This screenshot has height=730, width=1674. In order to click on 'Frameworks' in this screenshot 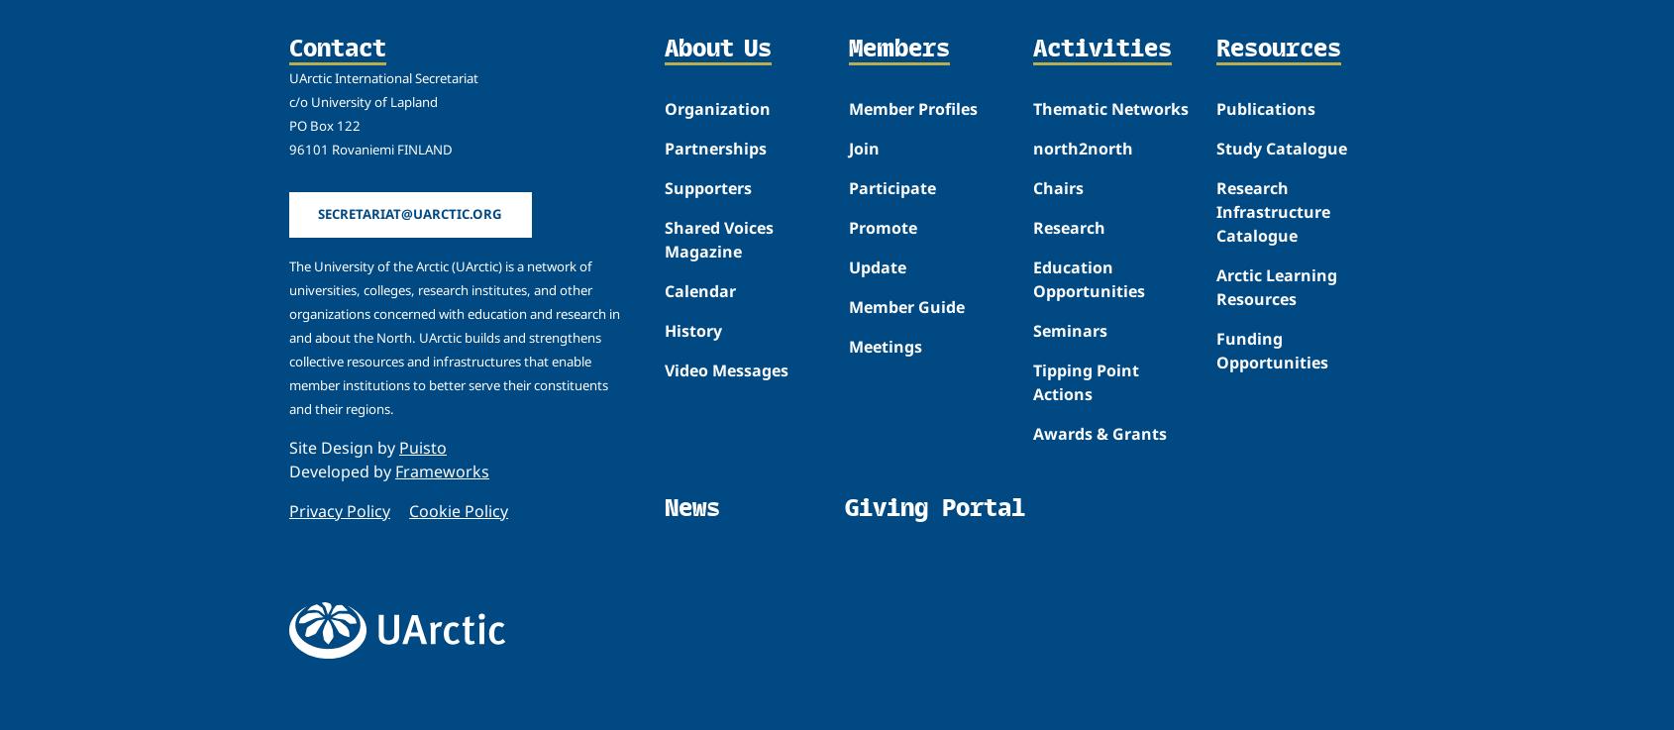, I will do `click(442, 469)`.